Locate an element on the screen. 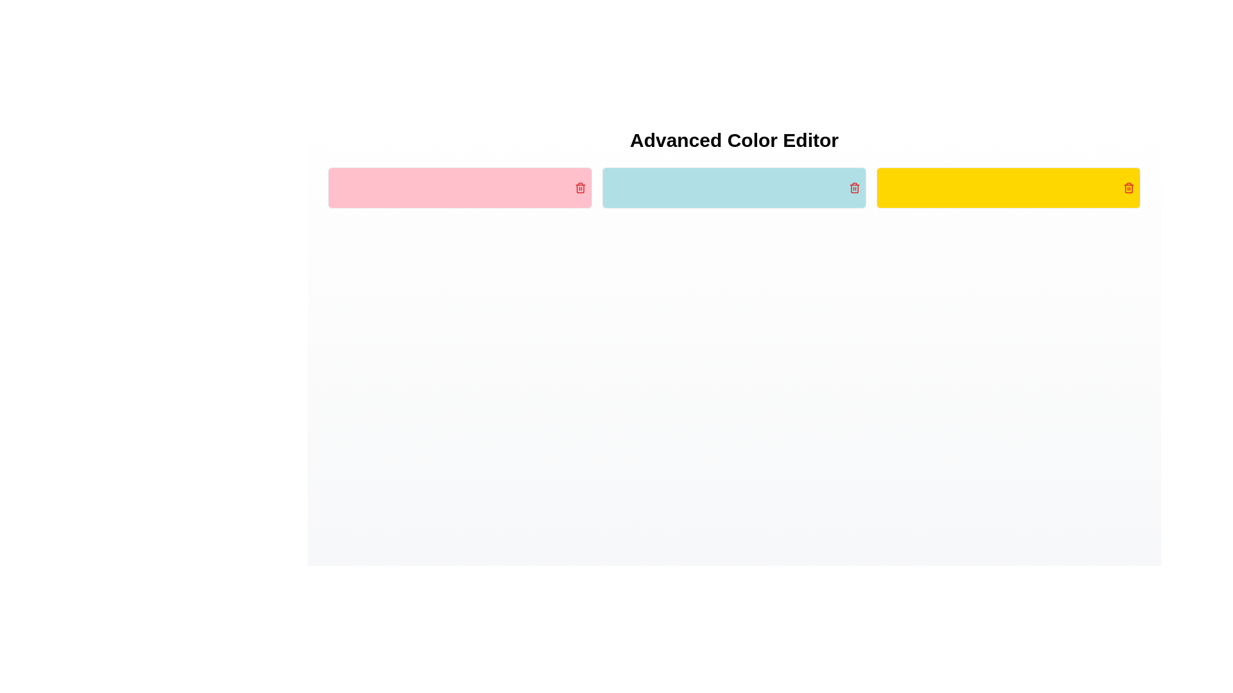 This screenshot has height=693, width=1233. the trash bin icon located at the far right of the light blue rectangular block is located at coordinates (854, 189).